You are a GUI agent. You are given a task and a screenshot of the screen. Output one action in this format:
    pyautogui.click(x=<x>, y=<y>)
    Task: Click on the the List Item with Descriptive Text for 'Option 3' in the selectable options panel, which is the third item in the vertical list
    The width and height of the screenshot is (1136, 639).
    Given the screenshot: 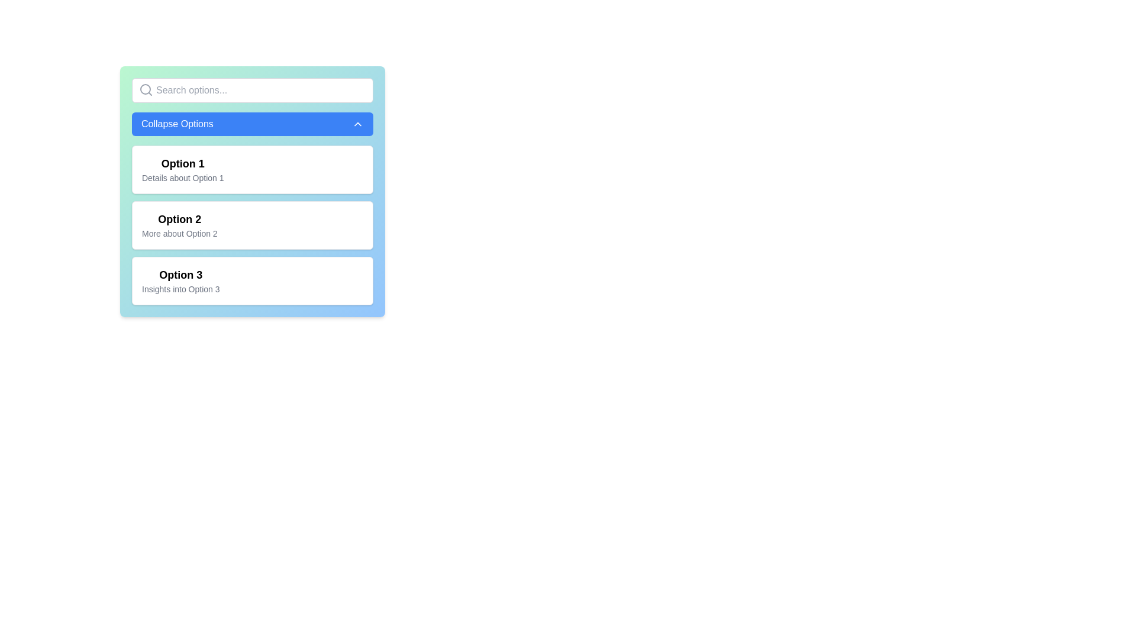 What is the action you would take?
    pyautogui.click(x=180, y=280)
    